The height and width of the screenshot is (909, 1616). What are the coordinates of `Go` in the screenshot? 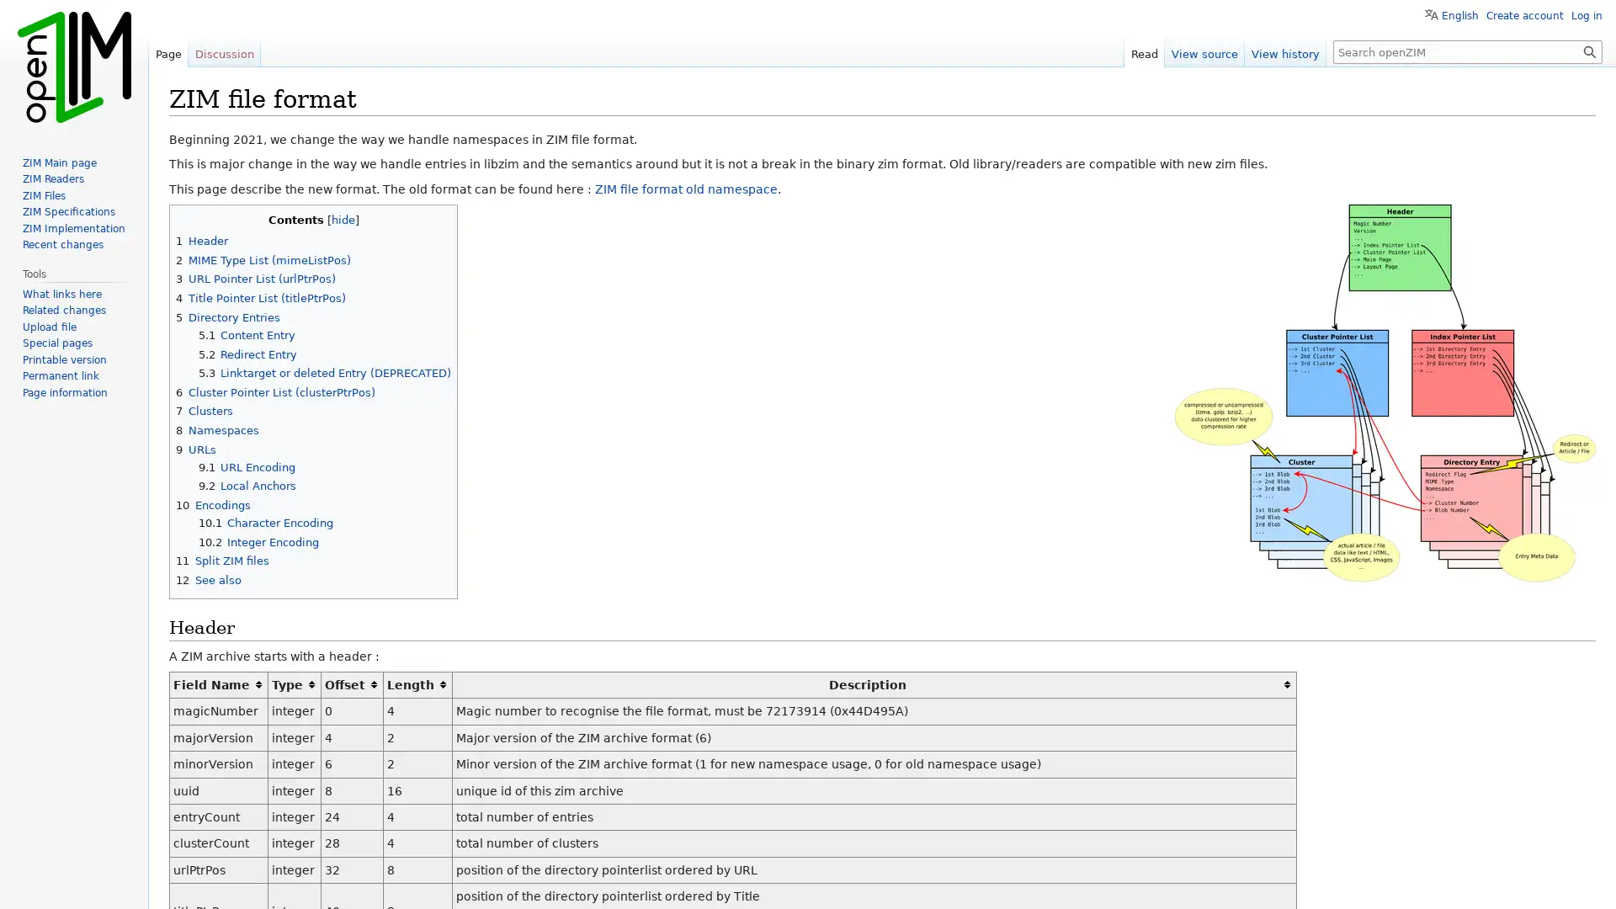 It's located at (1589, 50).